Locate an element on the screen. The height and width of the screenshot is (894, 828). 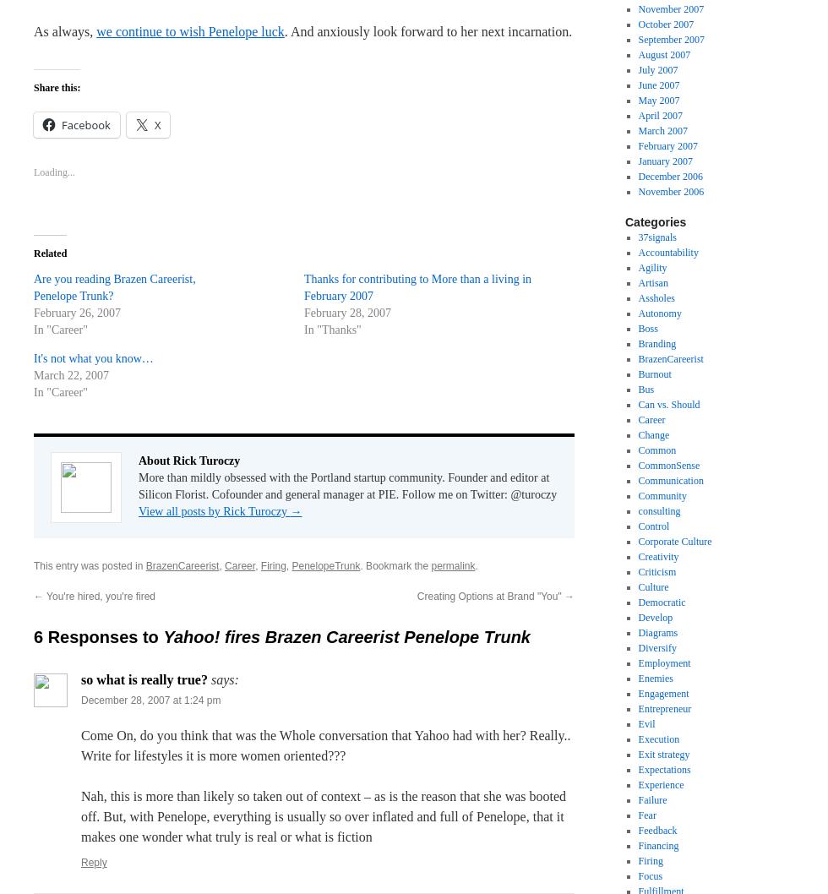
'Criticism' is located at coordinates (656, 571).